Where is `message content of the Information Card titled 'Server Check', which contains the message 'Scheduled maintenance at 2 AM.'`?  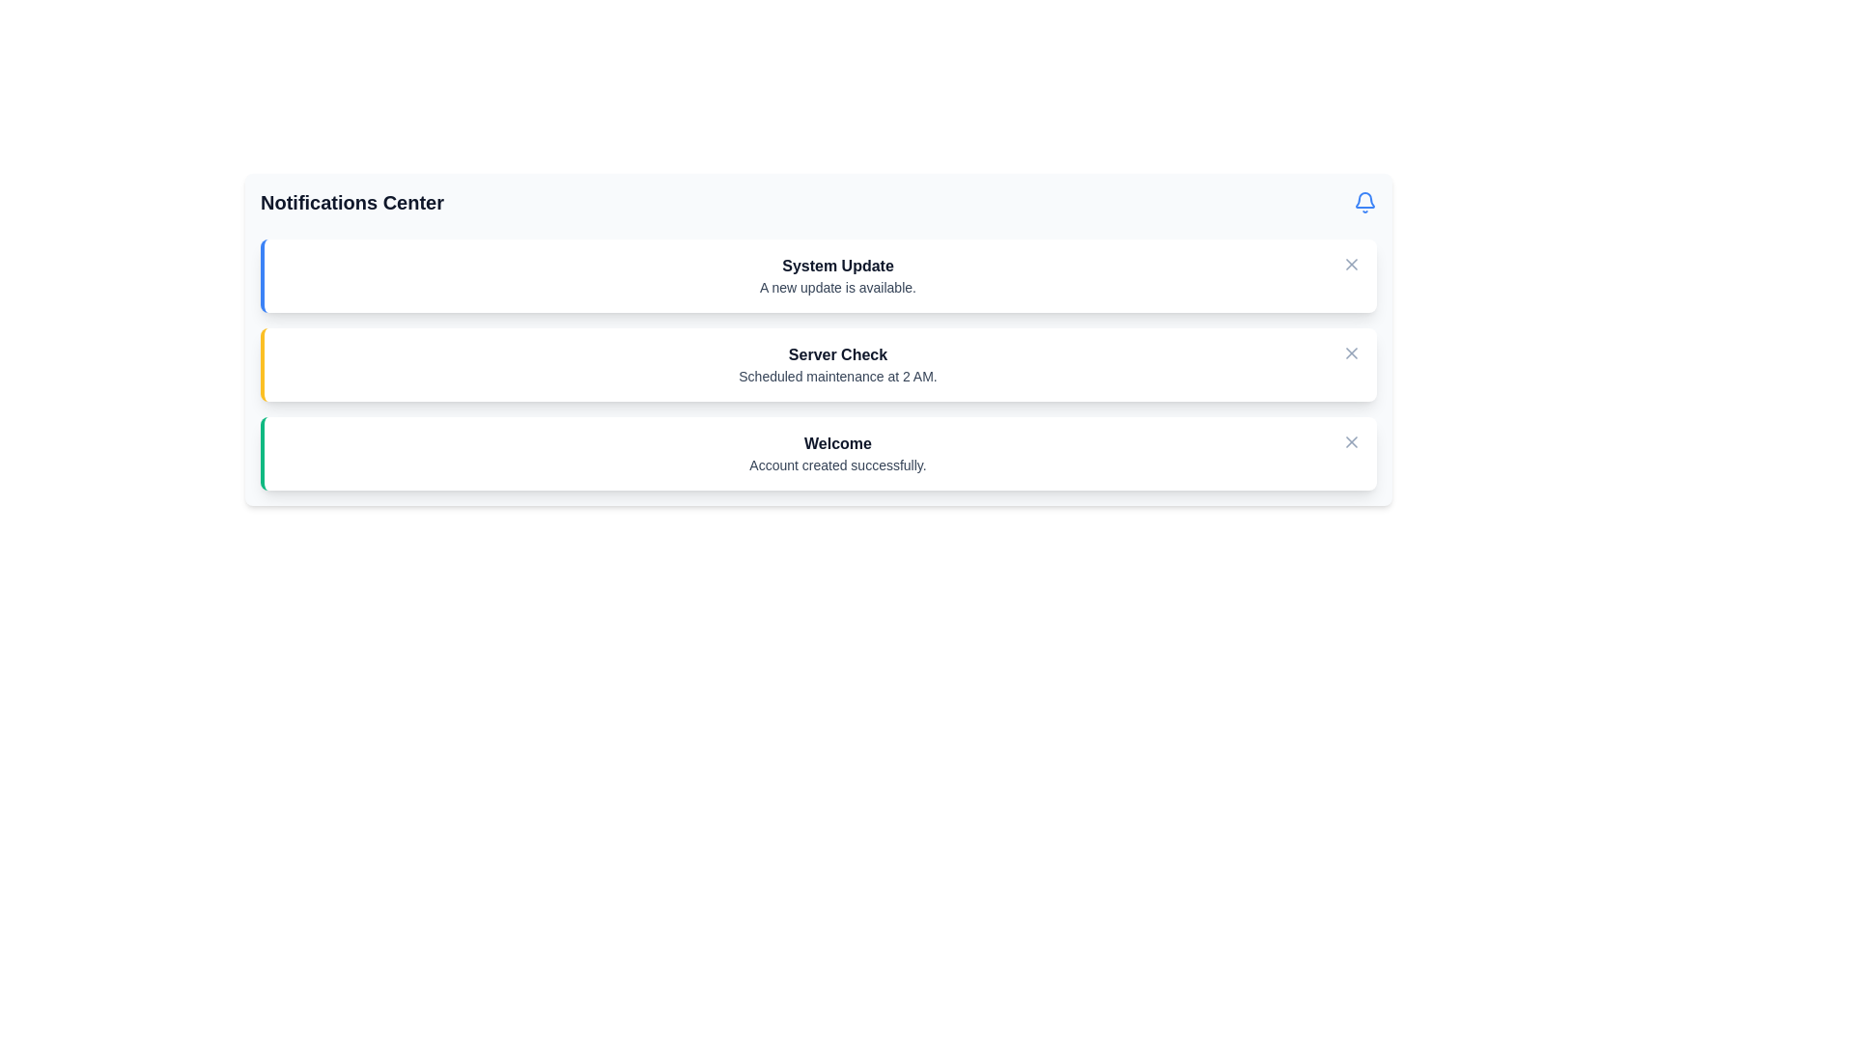
message content of the Information Card titled 'Server Check', which contains the message 'Scheduled maintenance at 2 AM.' is located at coordinates (819, 365).